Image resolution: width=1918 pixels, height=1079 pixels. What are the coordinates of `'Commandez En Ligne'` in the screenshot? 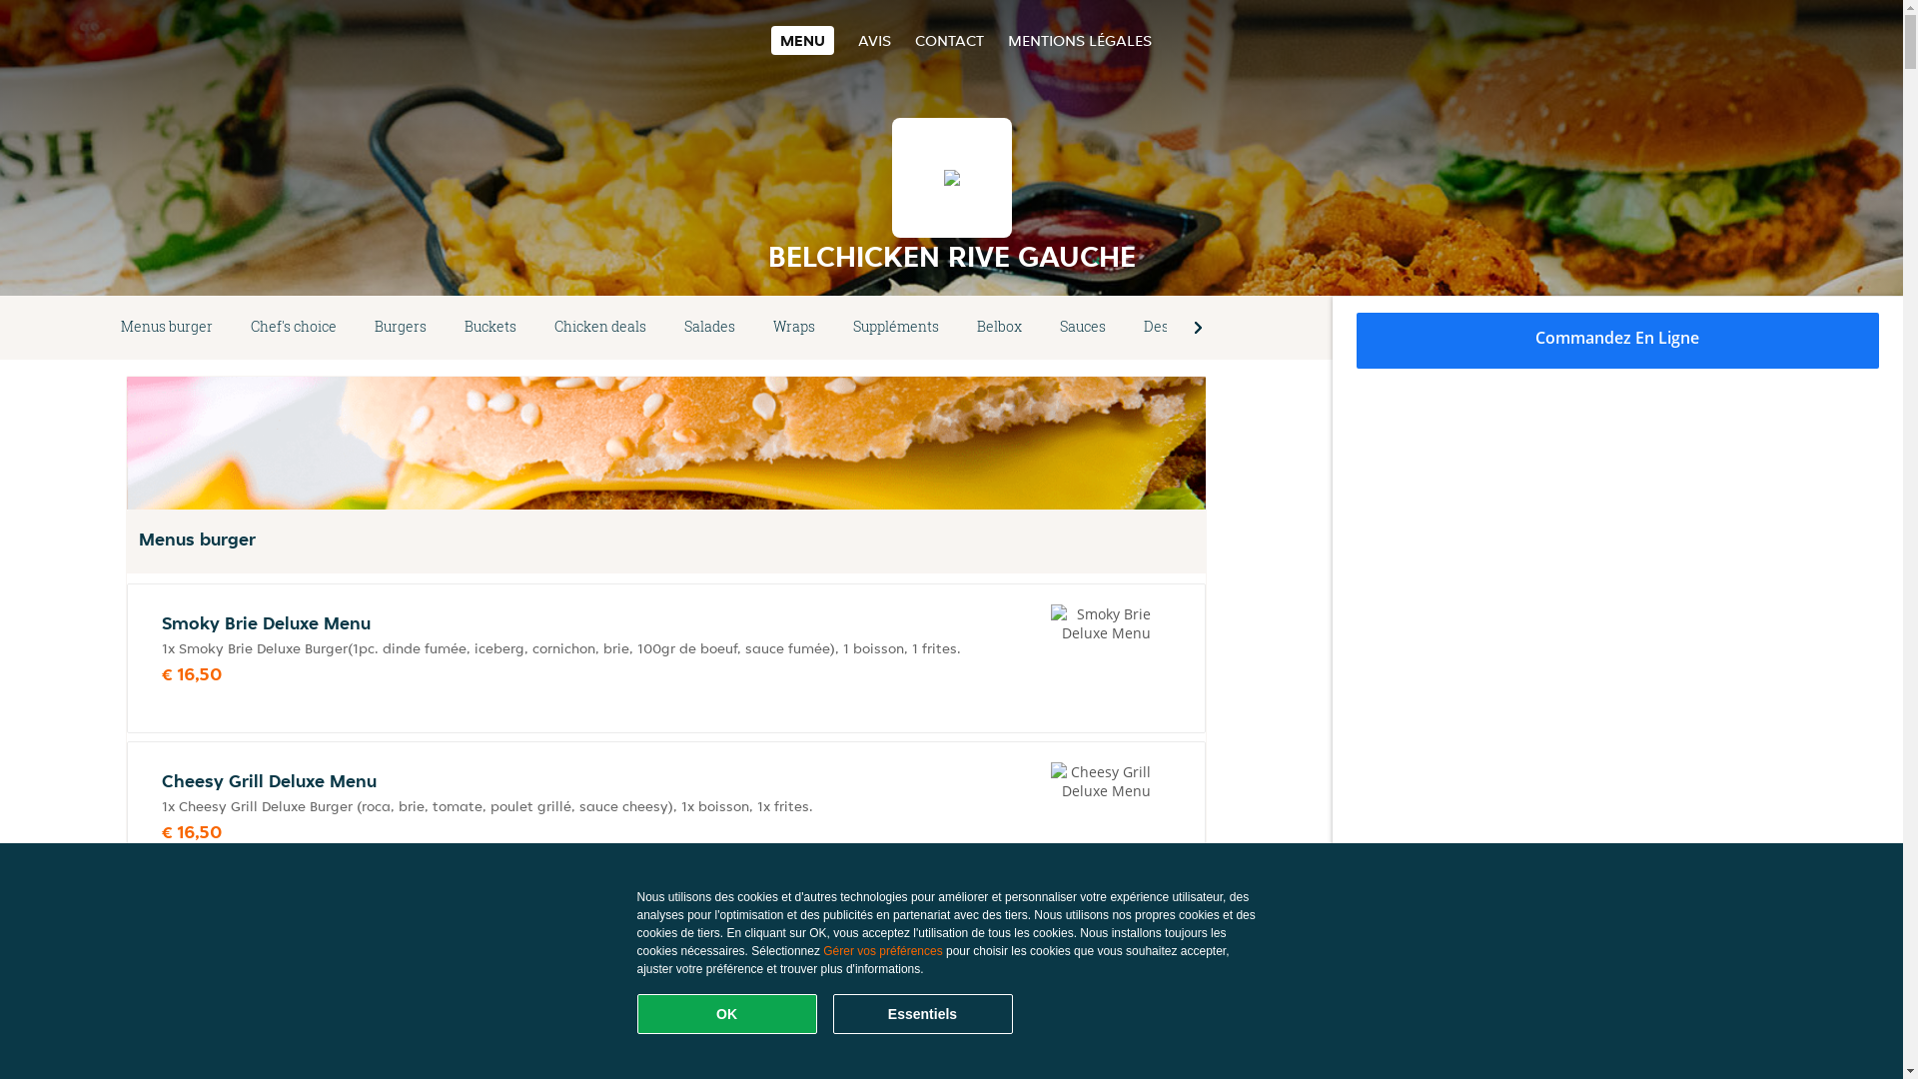 It's located at (1618, 339).